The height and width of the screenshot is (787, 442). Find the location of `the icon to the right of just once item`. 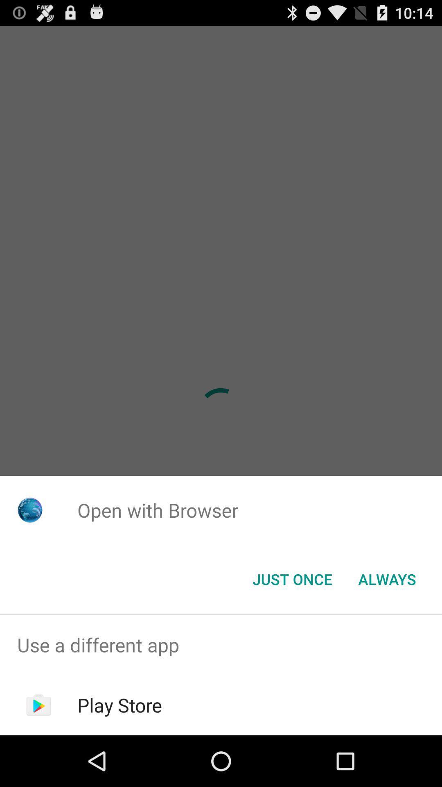

the icon to the right of just once item is located at coordinates (387, 578).